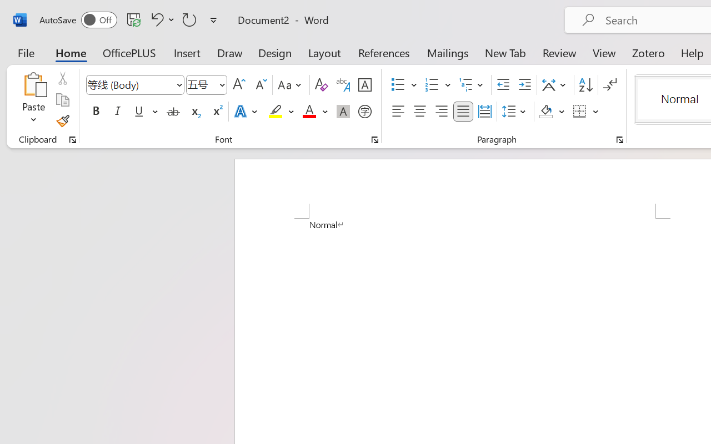 This screenshot has height=444, width=711. What do you see at coordinates (505, 52) in the screenshot?
I see `'New Tab'` at bounding box center [505, 52].